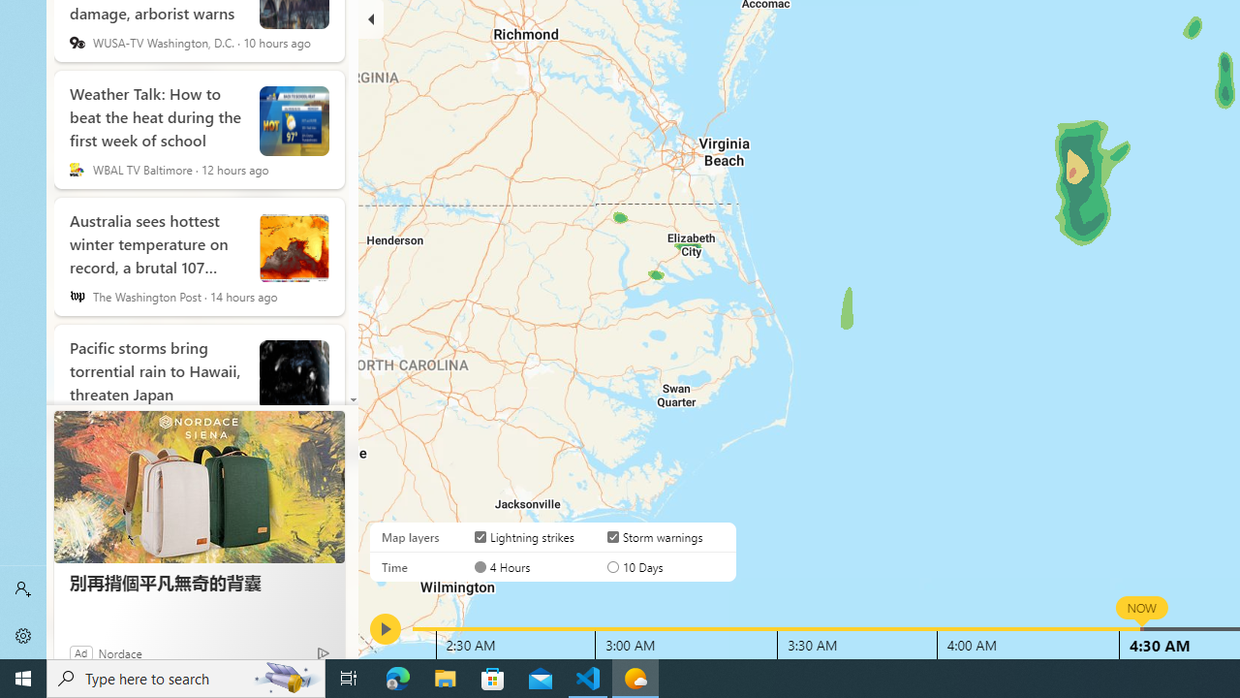  I want to click on 'Task View', so click(348, 677).